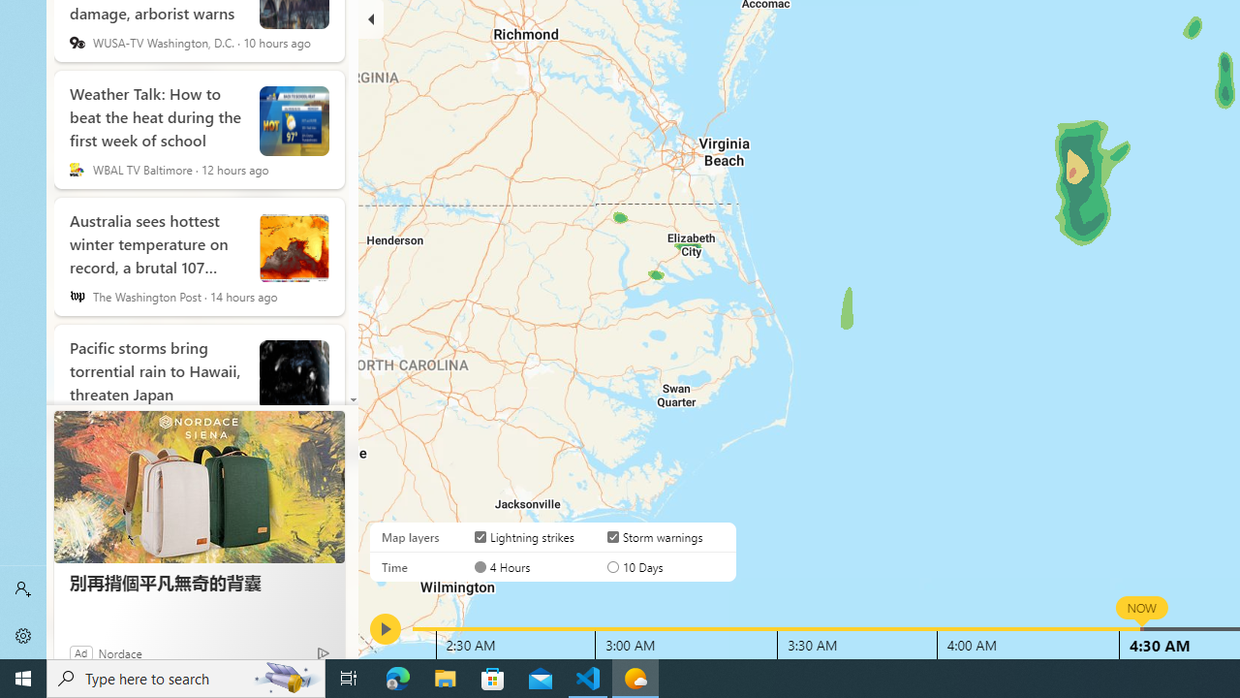  I want to click on 'Task View', so click(348, 677).